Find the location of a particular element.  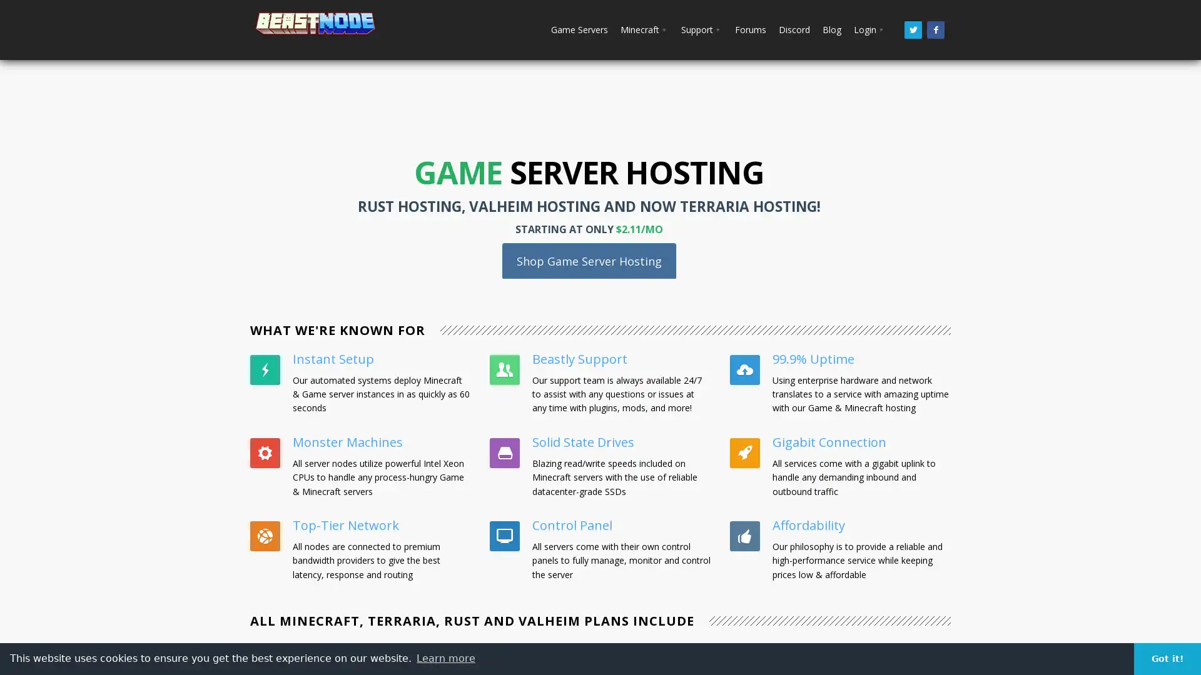

learn more about cookies is located at coordinates (446, 657).